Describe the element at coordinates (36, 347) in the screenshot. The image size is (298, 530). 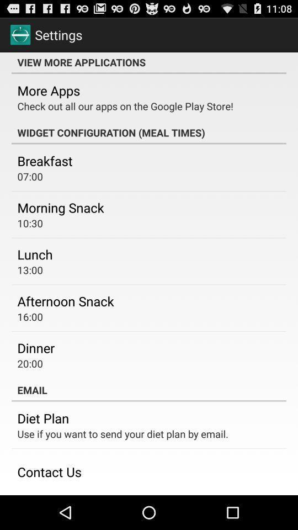
I see `the icon above the 20:00 item` at that location.